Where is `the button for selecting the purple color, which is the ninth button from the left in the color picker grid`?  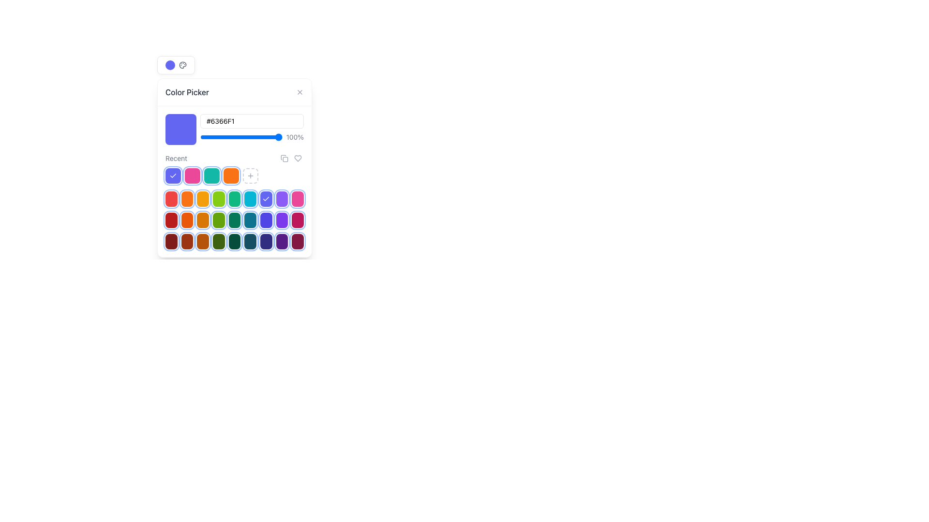
the button for selecting the purple color, which is the ninth button from the left in the color picker grid is located at coordinates (282, 199).